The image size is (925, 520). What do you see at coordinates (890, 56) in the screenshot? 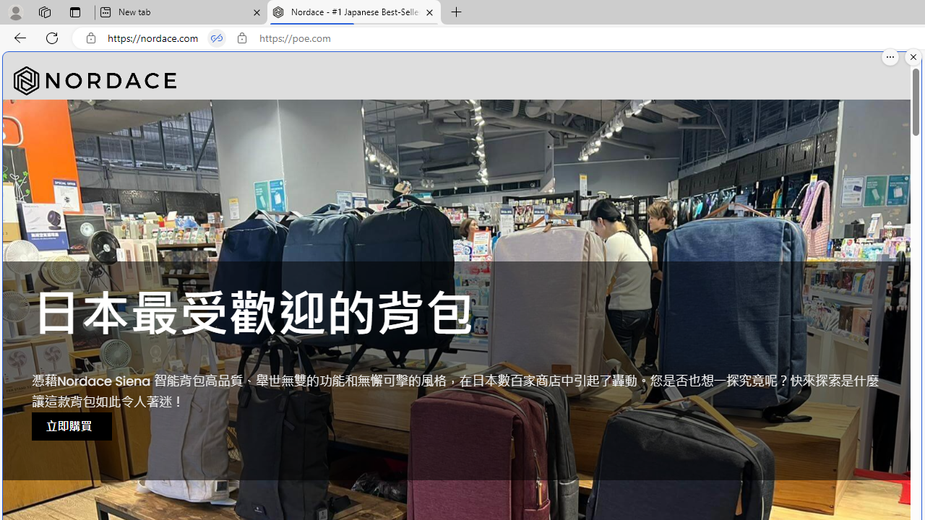
I see `'More options.'` at bounding box center [890, 56].